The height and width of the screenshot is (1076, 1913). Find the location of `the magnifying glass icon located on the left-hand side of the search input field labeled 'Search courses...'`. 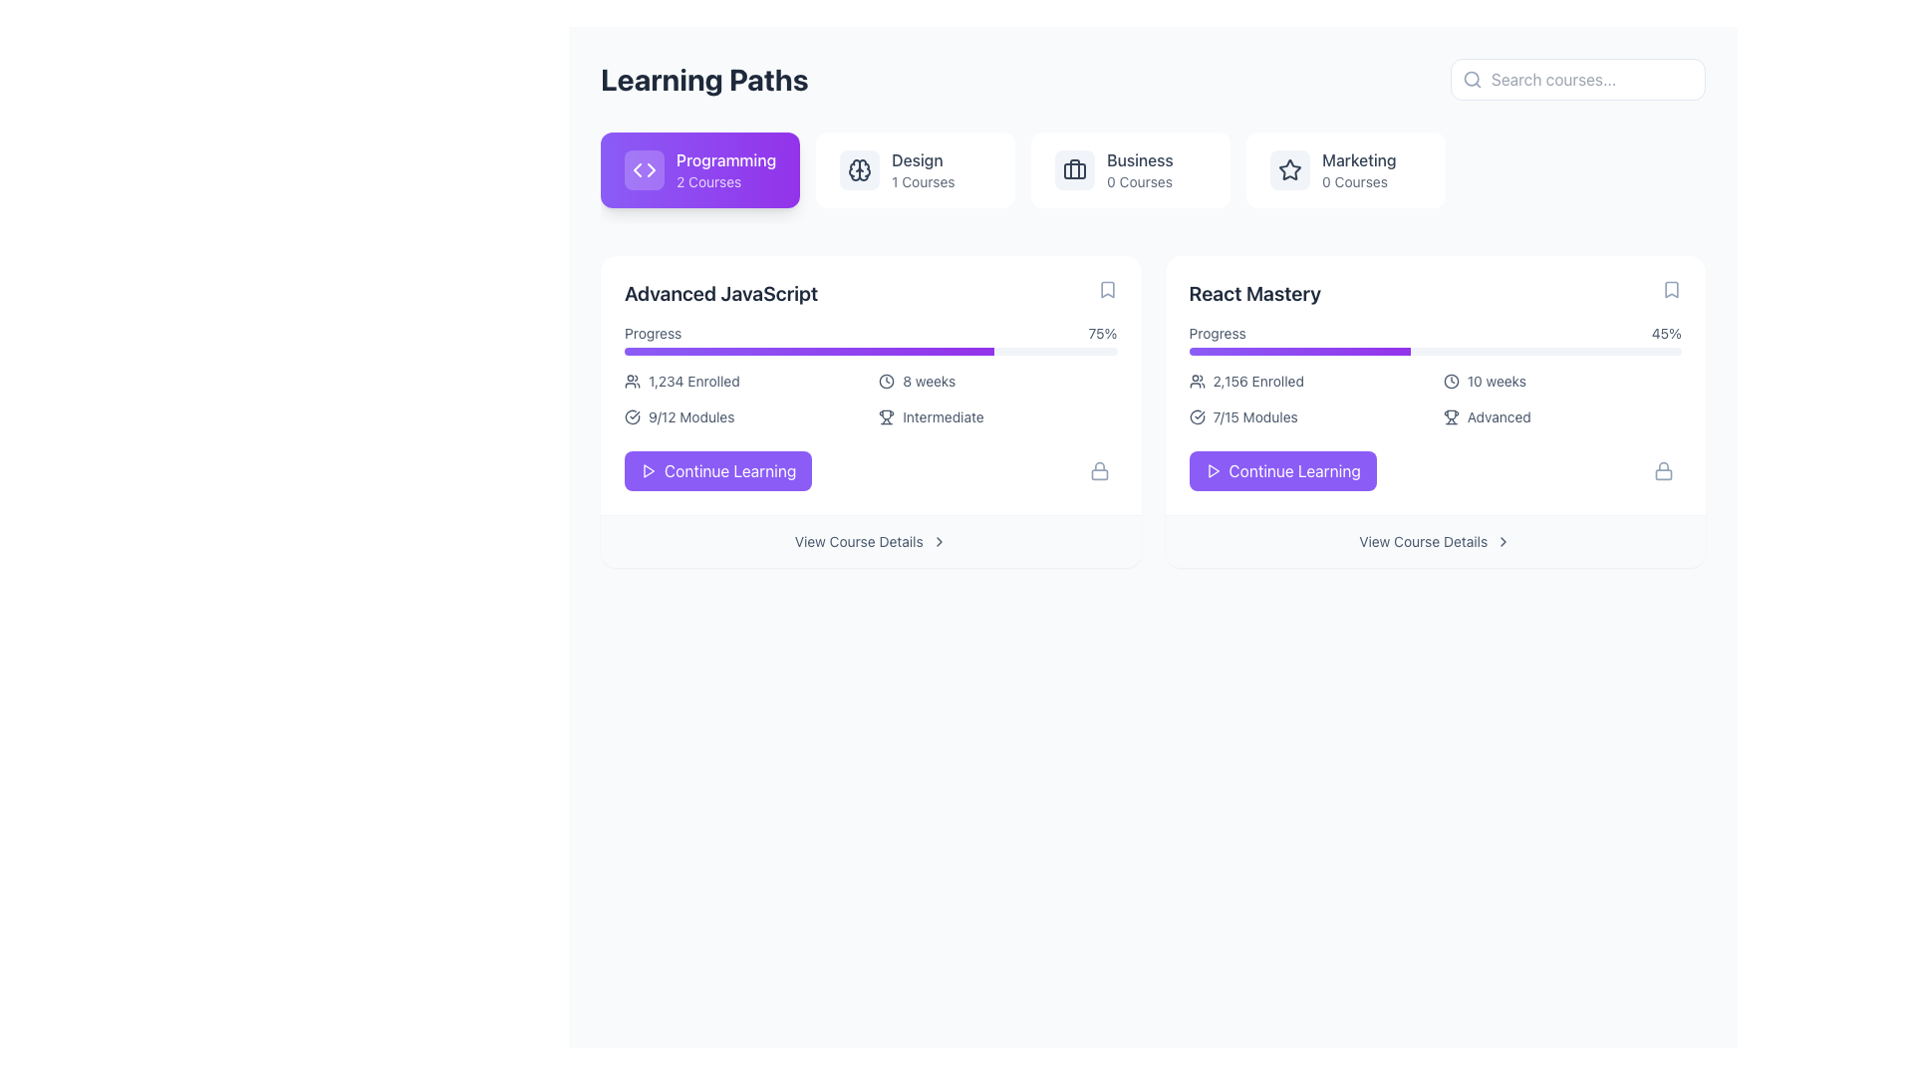

the magnifying glass icon located on the left-hand side of the search input field labeled 'Search courses...' is located at coordinates (1473, 79).